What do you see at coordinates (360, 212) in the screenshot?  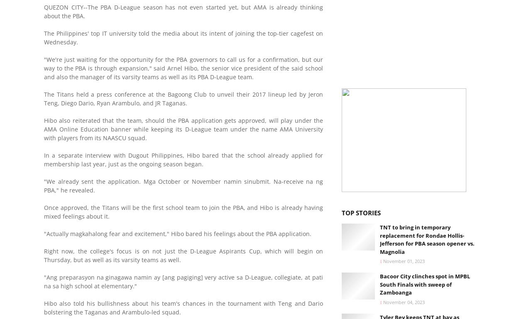 I see `'Top Stories'` at bounding box center [360, 212].